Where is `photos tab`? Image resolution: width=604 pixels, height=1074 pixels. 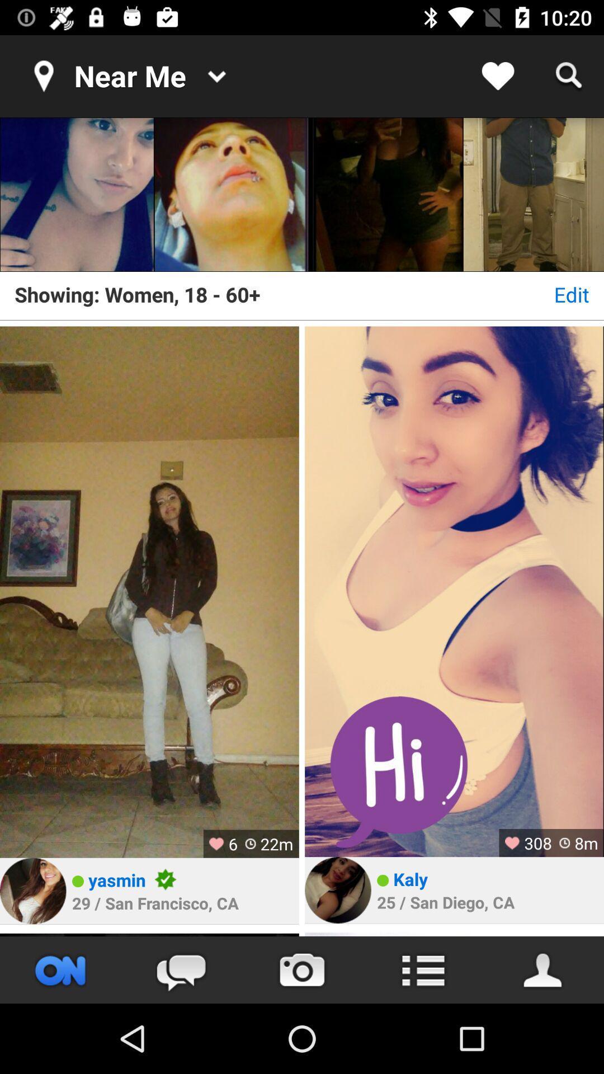 photos tab is located at coordinates (302, 969).